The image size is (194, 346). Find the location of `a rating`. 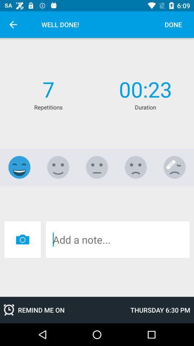

a rating is located at coordinates (97, 167).